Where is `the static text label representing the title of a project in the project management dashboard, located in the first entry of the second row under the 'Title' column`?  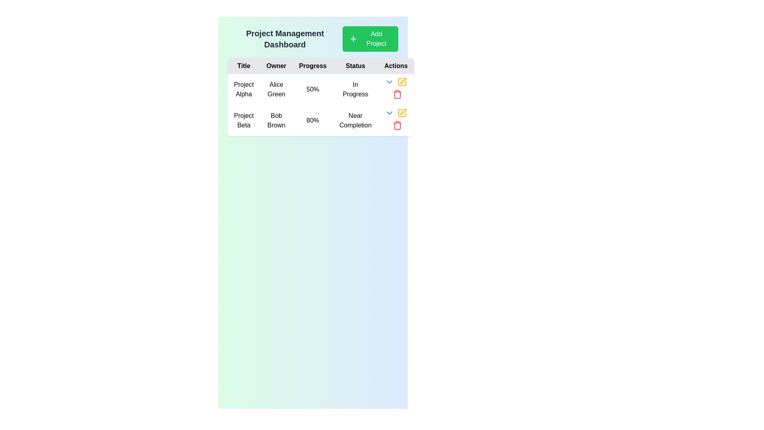 the static text label representing the title of a project in the project management dashboard, located in the first entry of the second row under the 'Title' column is located at coordinates (243, 121).